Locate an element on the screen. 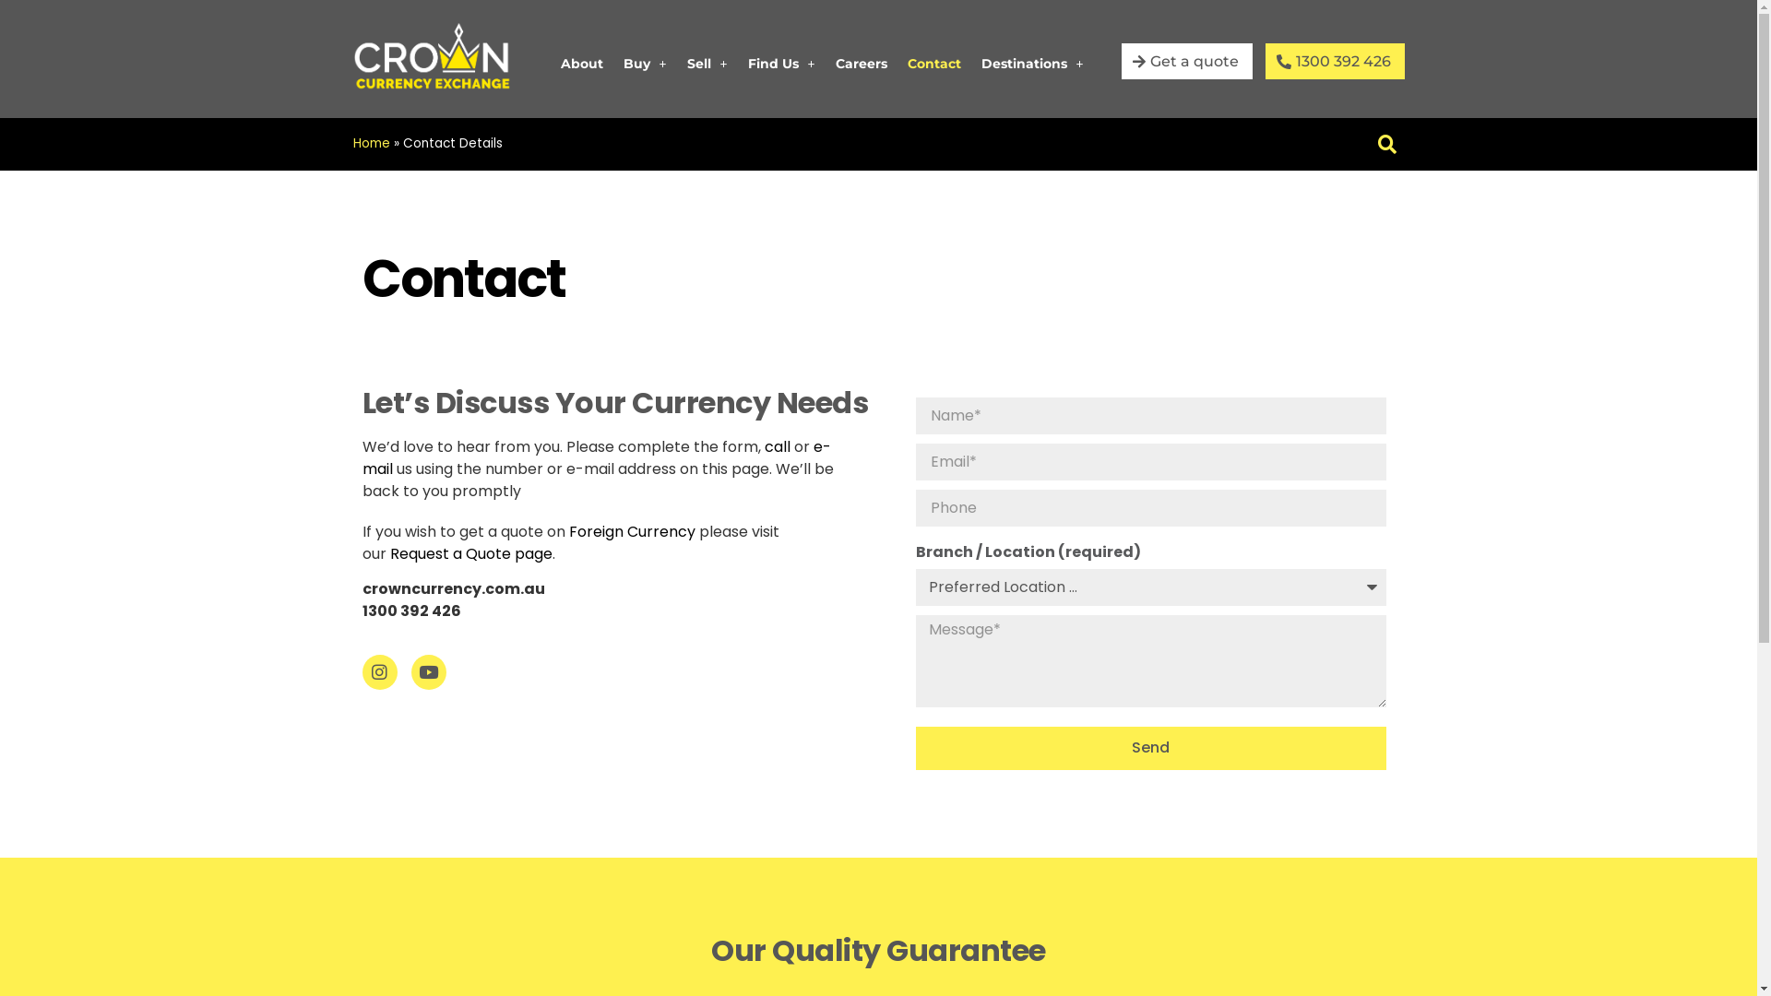 The width and height of the screenshot is (1771, 996). 'Contact' is located at coordinates (933, 63).